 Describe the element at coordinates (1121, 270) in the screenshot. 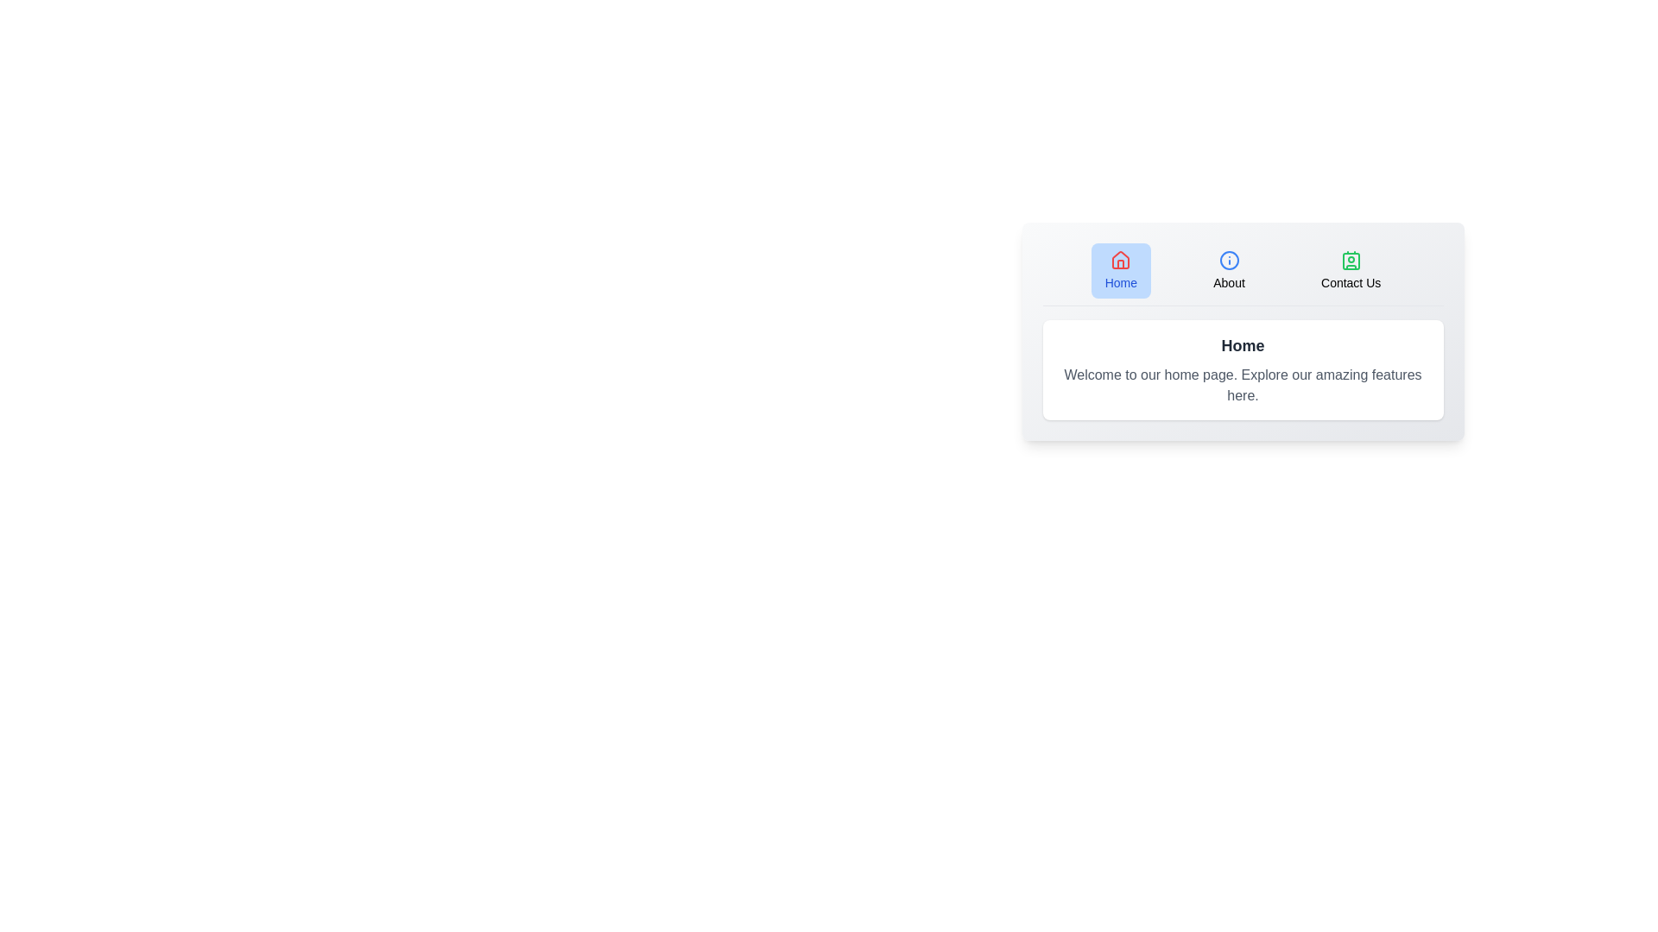

I see `the tab titled 'Home' to observe the styling change` at that location.